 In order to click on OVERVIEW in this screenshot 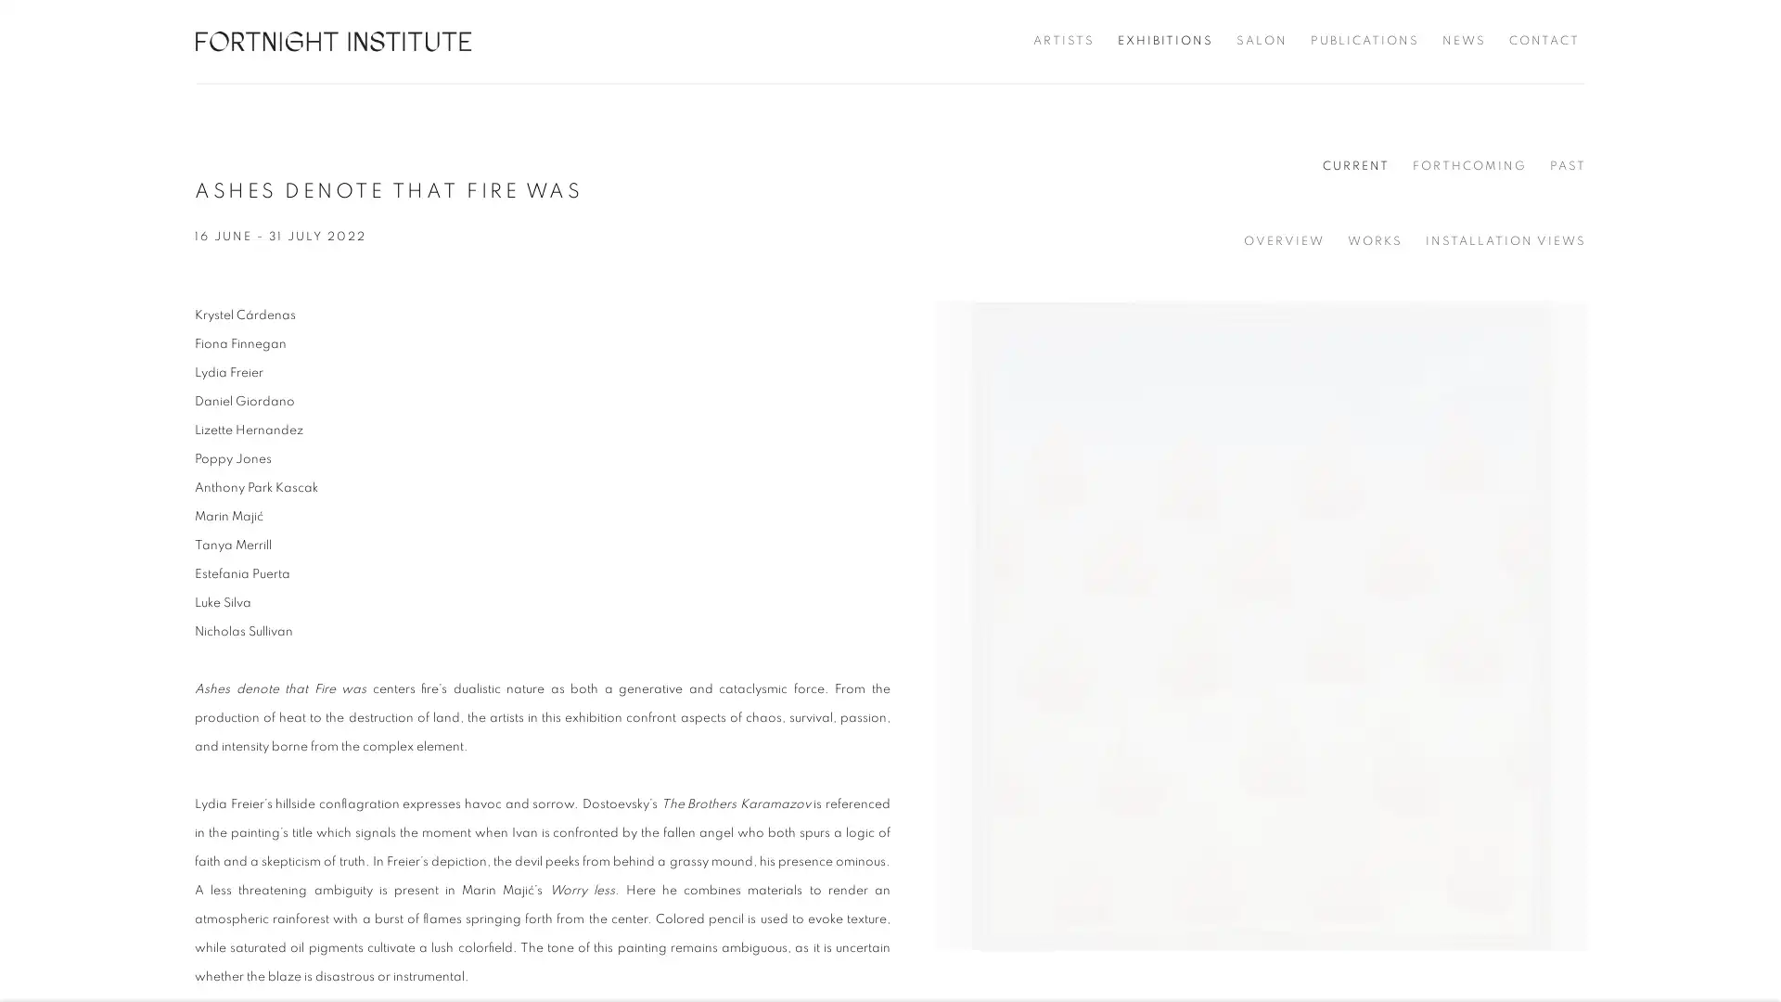, I will do `click(1283, 243)`.